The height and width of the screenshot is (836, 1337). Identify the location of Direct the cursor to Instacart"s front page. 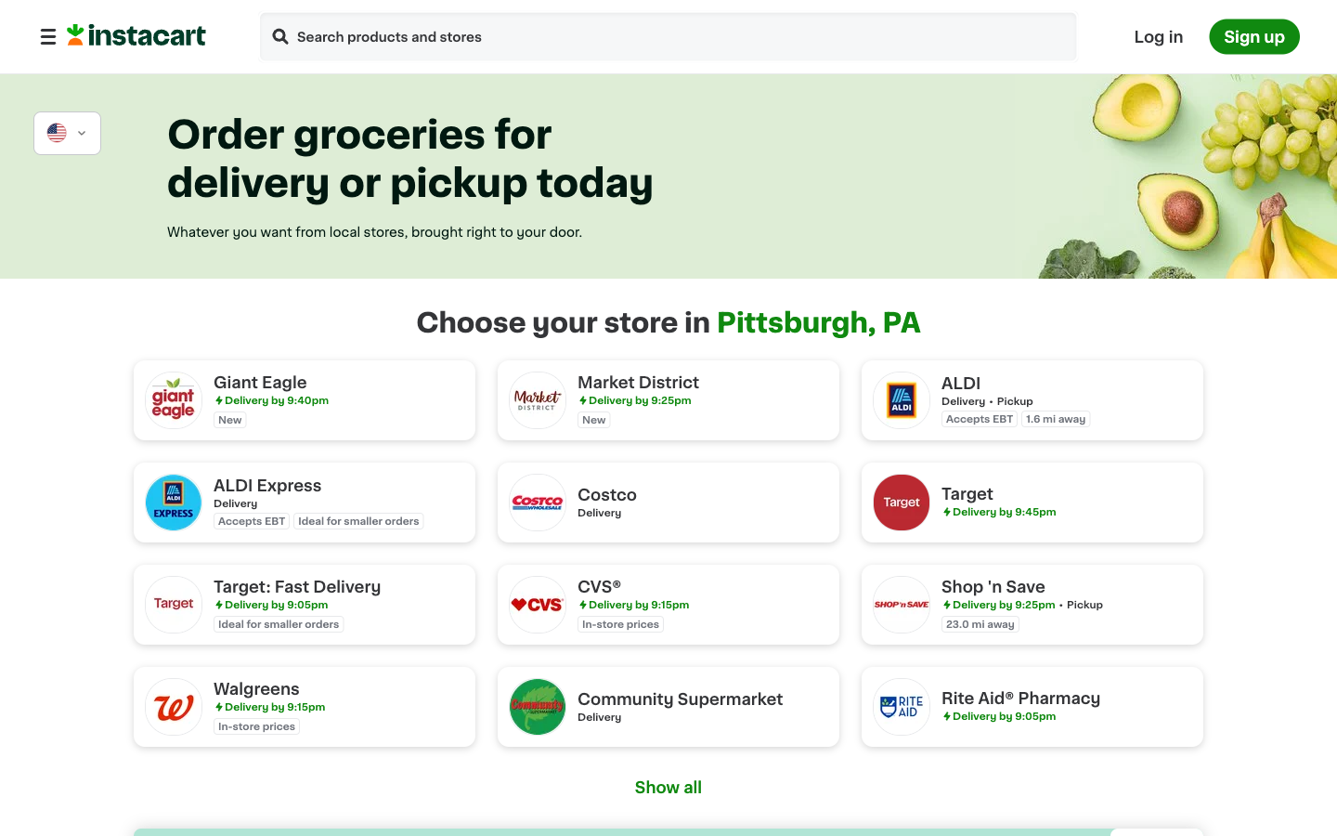
(136, 40).